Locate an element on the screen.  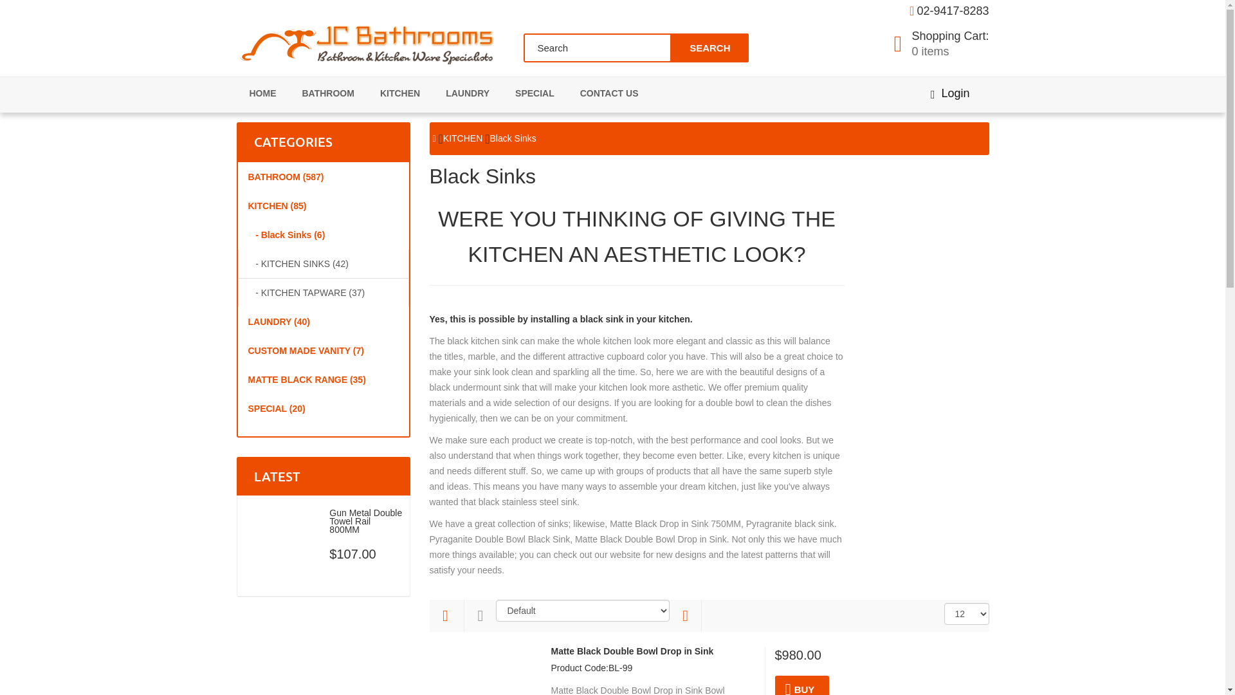
'SEARCH' is located at coordinates (708, 47).